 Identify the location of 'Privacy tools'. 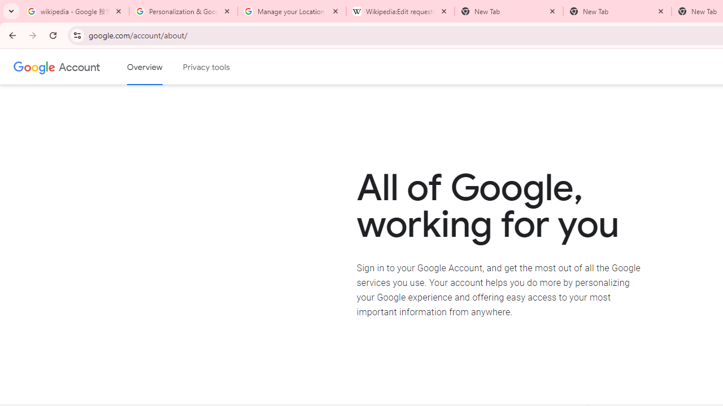
(207, 67).